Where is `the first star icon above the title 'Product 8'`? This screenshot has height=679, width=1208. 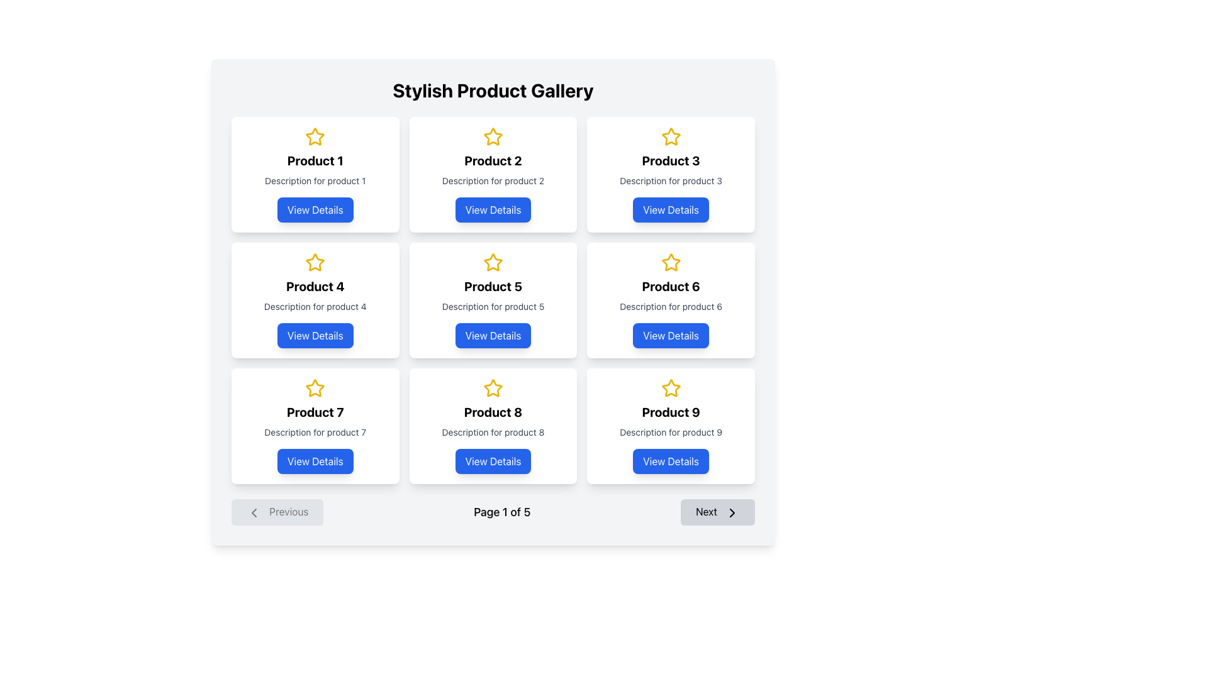
the first star icon above the title 'Product 8' is located at coordinates (492, 387).